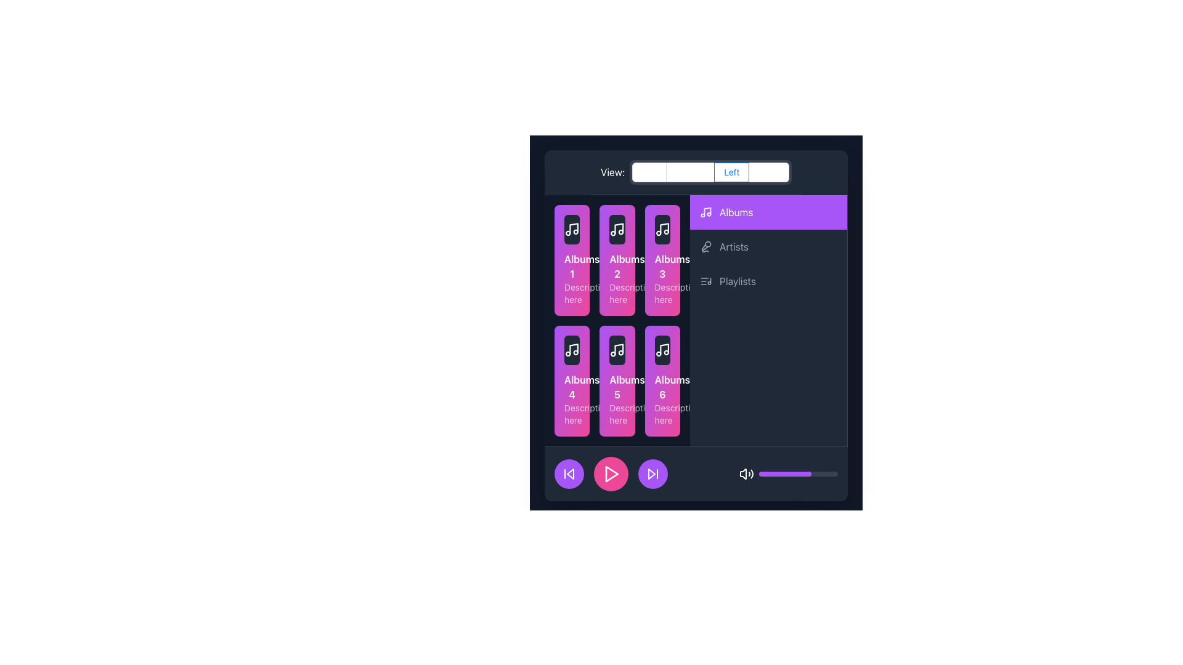 The height and width of the screenshot is (665, 1183). What do you see at coordinates (768, 172) in the screenshot?
I see `the far-right radio button labeled 'Right' in the toggle button group at the top-right corner of the content area` at bounding box center [768, 172].